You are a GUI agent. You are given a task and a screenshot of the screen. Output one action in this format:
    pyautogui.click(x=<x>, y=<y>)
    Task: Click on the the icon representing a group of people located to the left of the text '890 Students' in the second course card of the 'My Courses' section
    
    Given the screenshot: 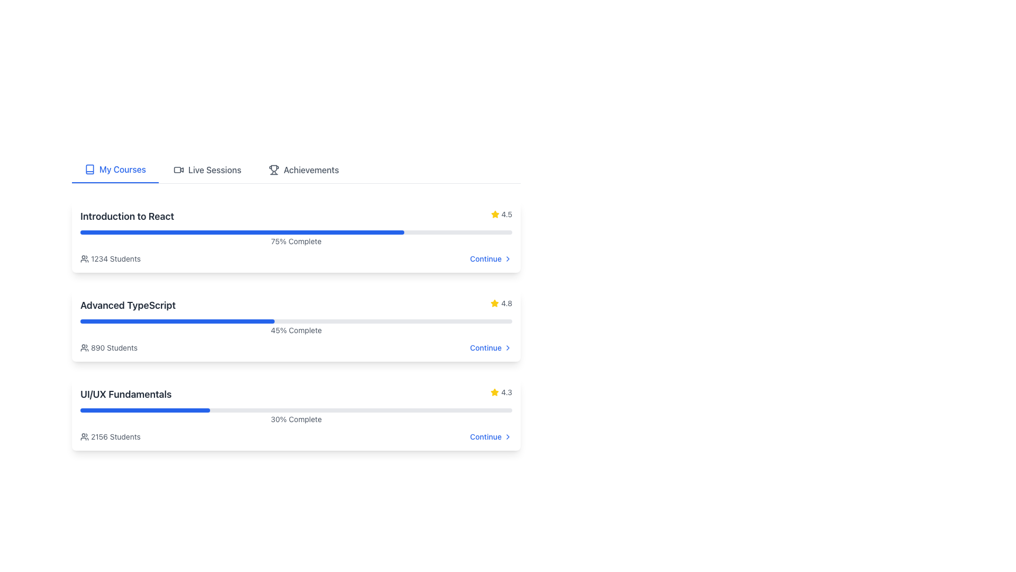 What is the action you would take?
    pyautogui.click(x=84, y=347)
    